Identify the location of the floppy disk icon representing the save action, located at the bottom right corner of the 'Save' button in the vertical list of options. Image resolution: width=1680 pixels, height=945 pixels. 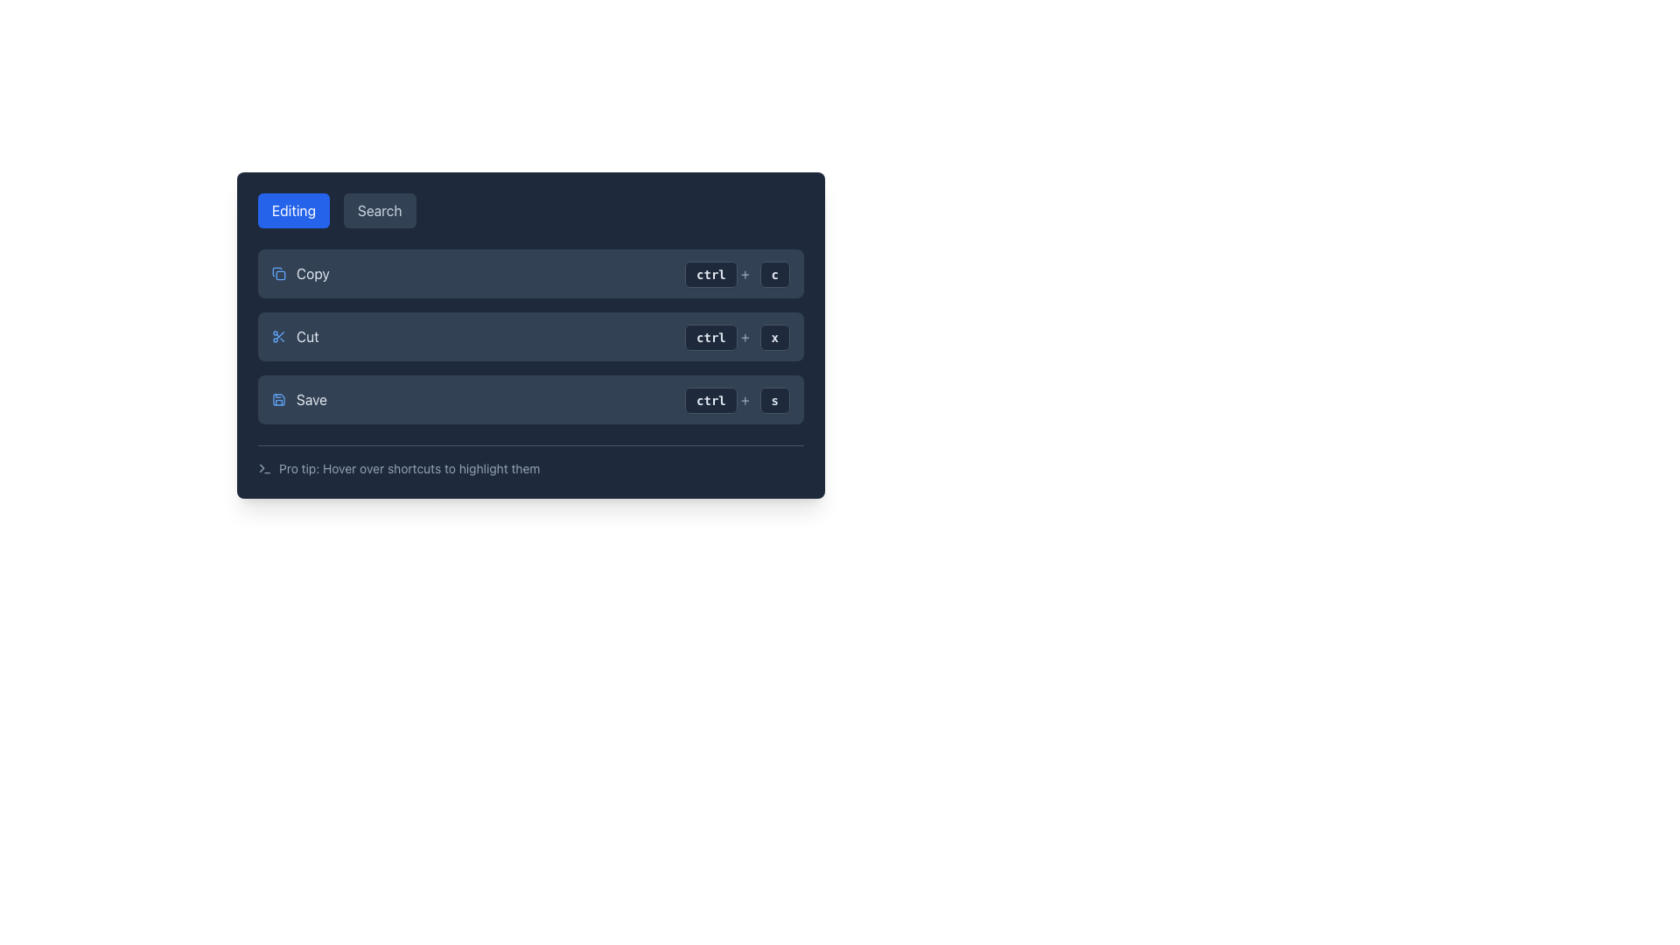
(277, 399).